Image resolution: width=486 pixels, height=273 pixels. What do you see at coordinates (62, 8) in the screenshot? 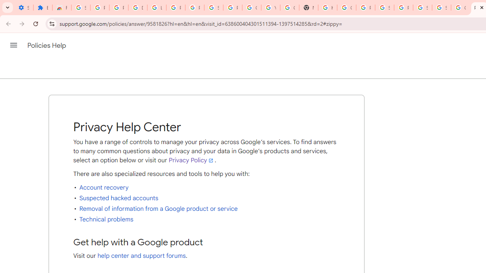
I see `'Reviews: Helix Fruit Jump Arcade Game'` at bounding box center [62, 8].